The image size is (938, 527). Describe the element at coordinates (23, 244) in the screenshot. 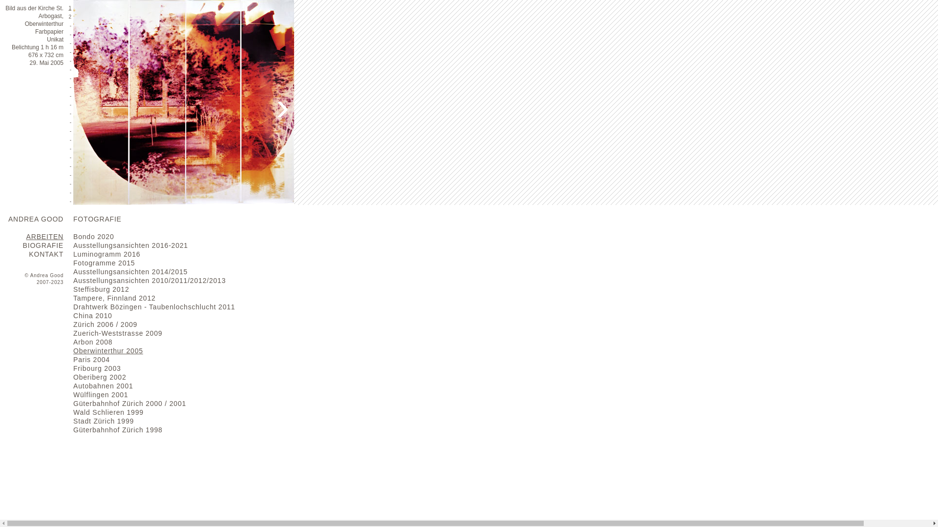

I see `'BIOGRAFIE'` at that location.